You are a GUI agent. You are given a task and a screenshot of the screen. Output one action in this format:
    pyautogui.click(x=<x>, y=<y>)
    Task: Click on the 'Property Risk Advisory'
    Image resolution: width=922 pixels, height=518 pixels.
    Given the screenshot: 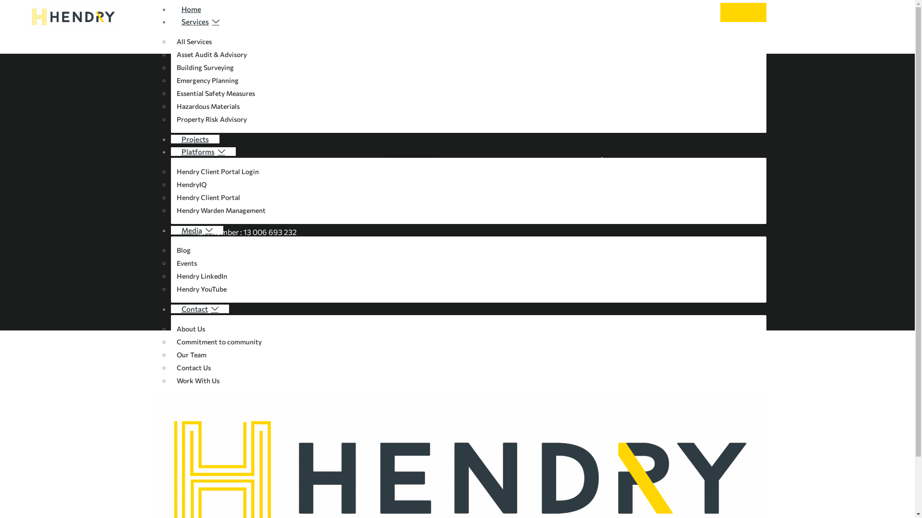 What is the action you would take?
    pyautogui.click(x=170, y=118)
    